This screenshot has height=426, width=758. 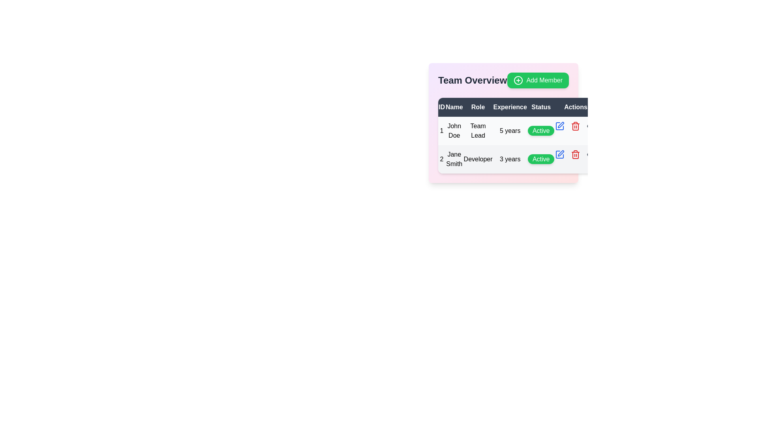 What do you see at coordinates (518, 80) in the screenshot?
I see `the circular graphic element resembling a 'plus' symbol inside a circle, located next to the 'Add Member' button at the top-right of the interface` at bounding box center [518, 80].